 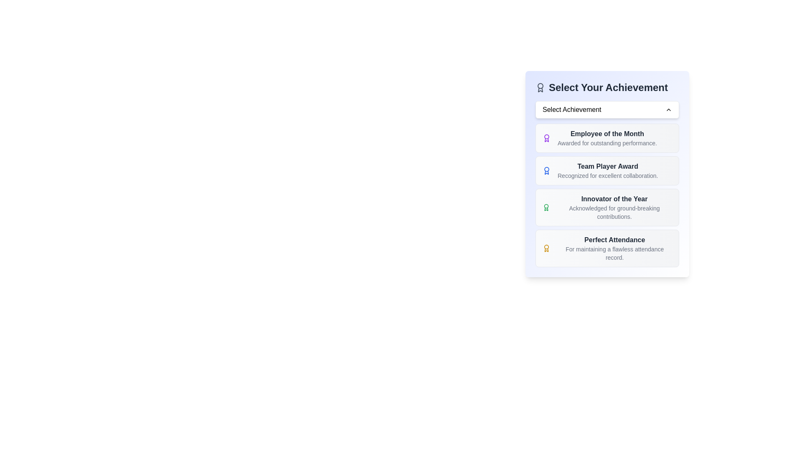 What do you see at coordinates (546, 206) in the screenshot?
I see `the Circular SVG graphical element which is part of the decorative icon indicating an award or achievement in the 'Select Your Achievement' section` at bounding box center [546, 206].